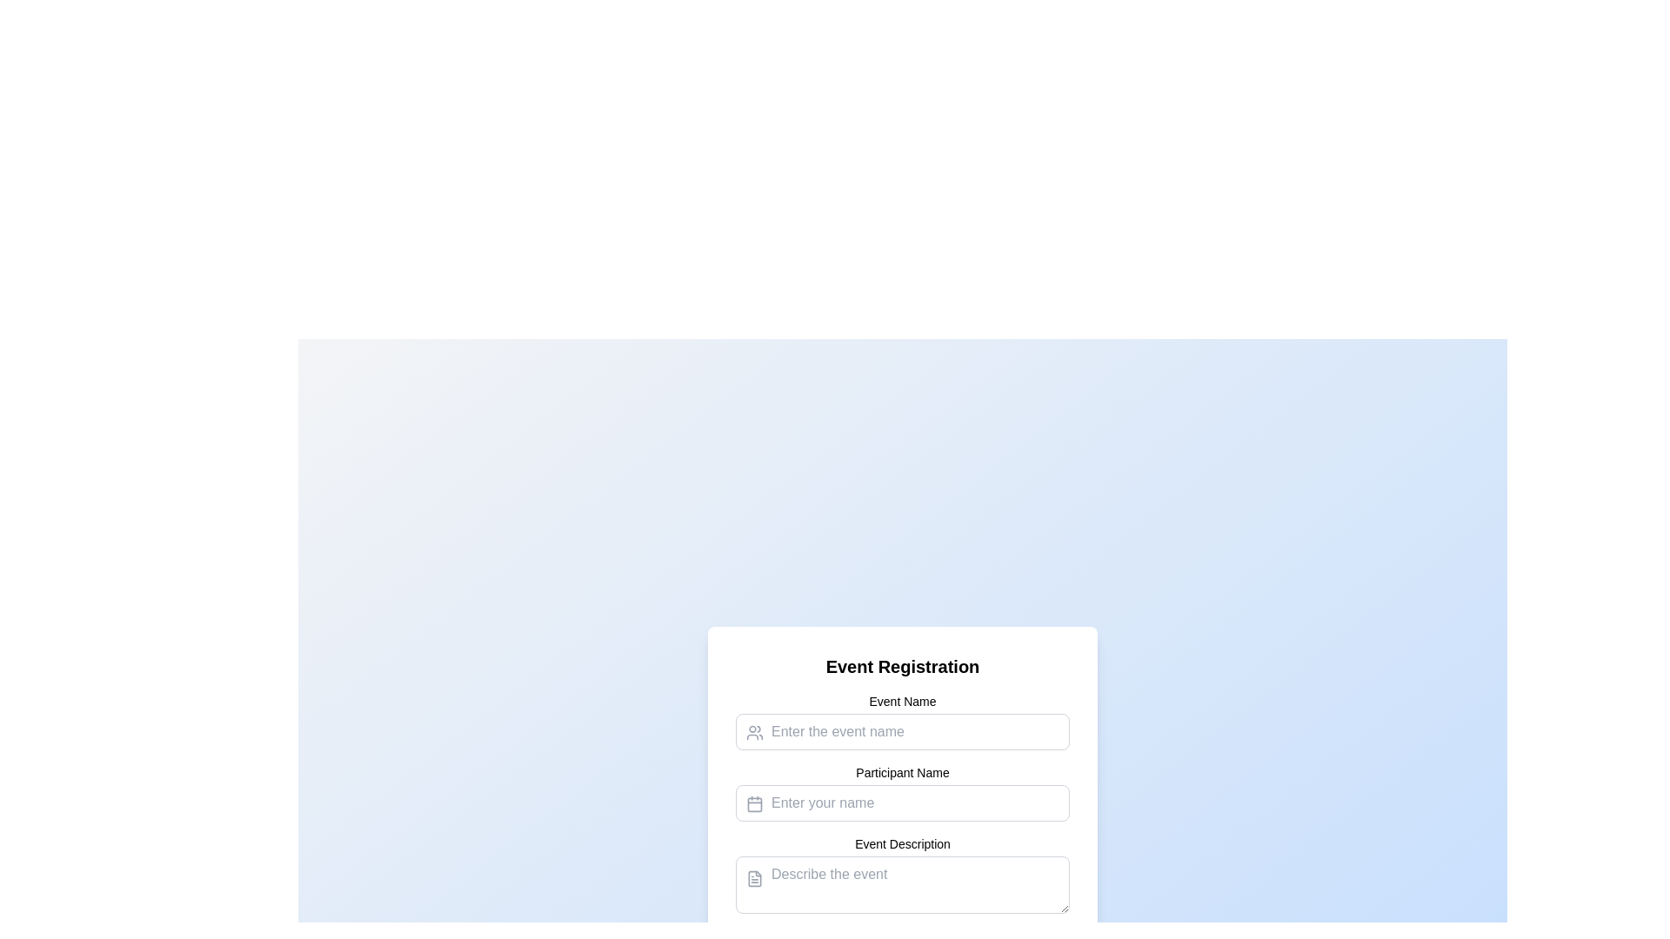 The height and width of the screenshot is (939, 1670). I want to click on the illustrative icon located on the left side of the 'Event Name' input field, which helps users associate the field with entering event-related information, so click(755, 733).